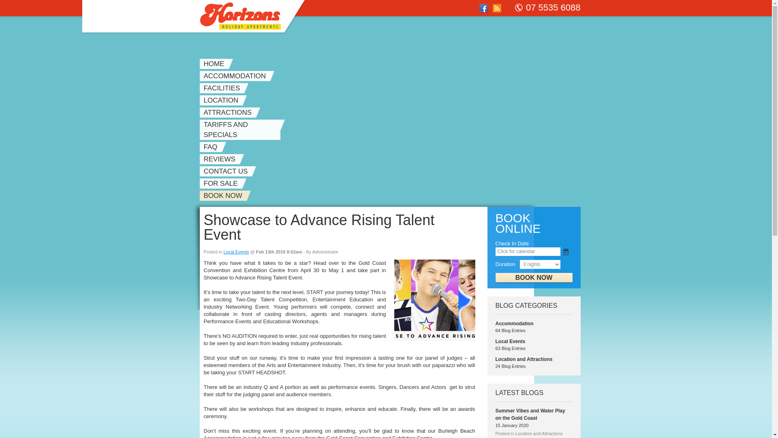 This screenshot has width=778, height=438. Describe the element at coordinates (530, 414) in the screenshot. I see `'Summer Vibes and Water Play on the Gold Coast'` at that location.